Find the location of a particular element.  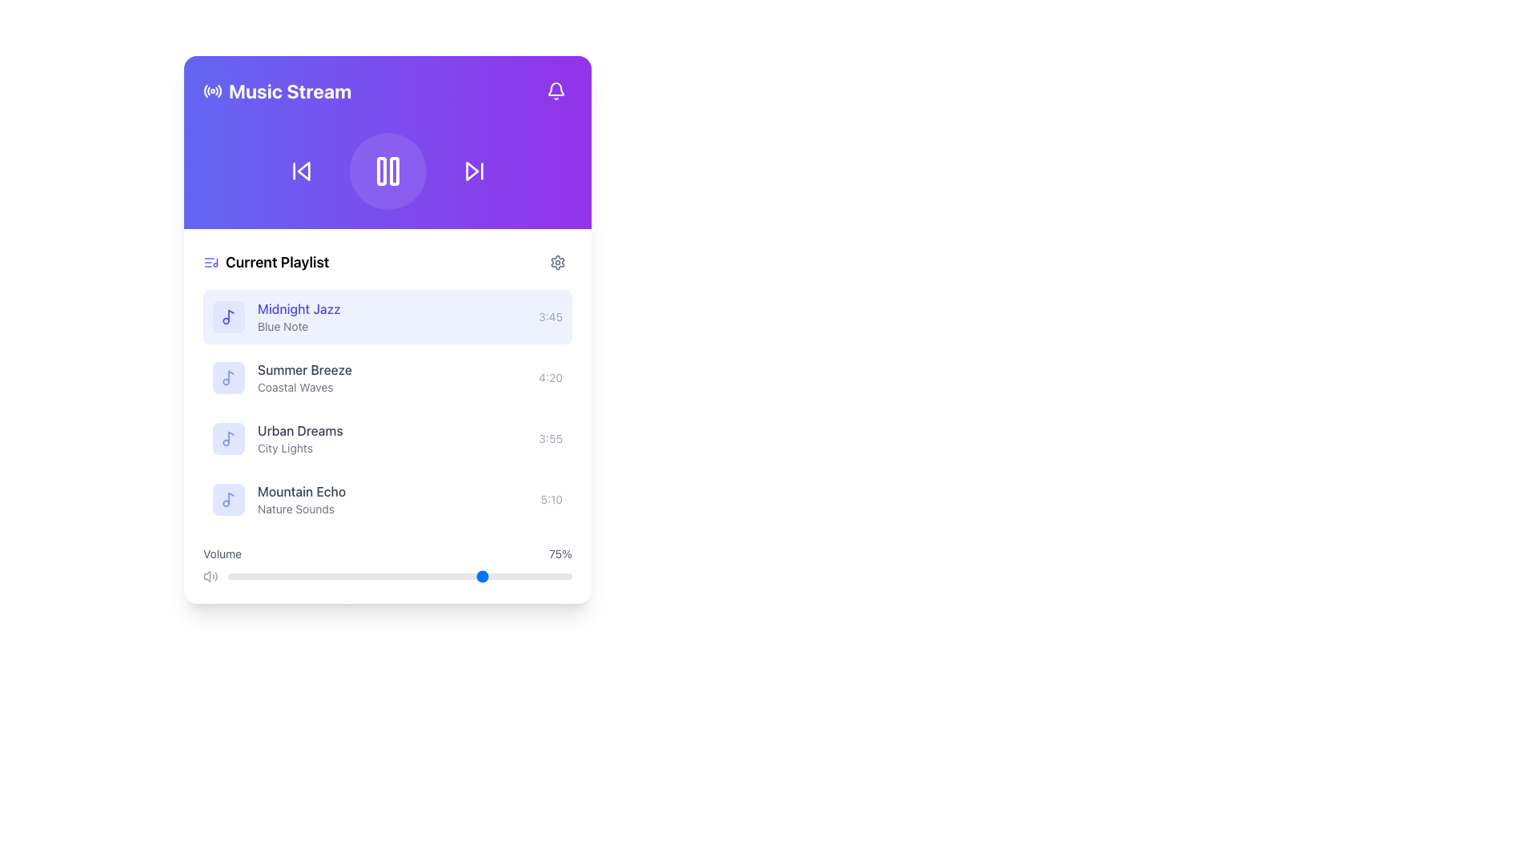

the text label displaying '4:20', which is styled minimally in gray and located on the right side of a playlist item is located at coordinates (551, 377).